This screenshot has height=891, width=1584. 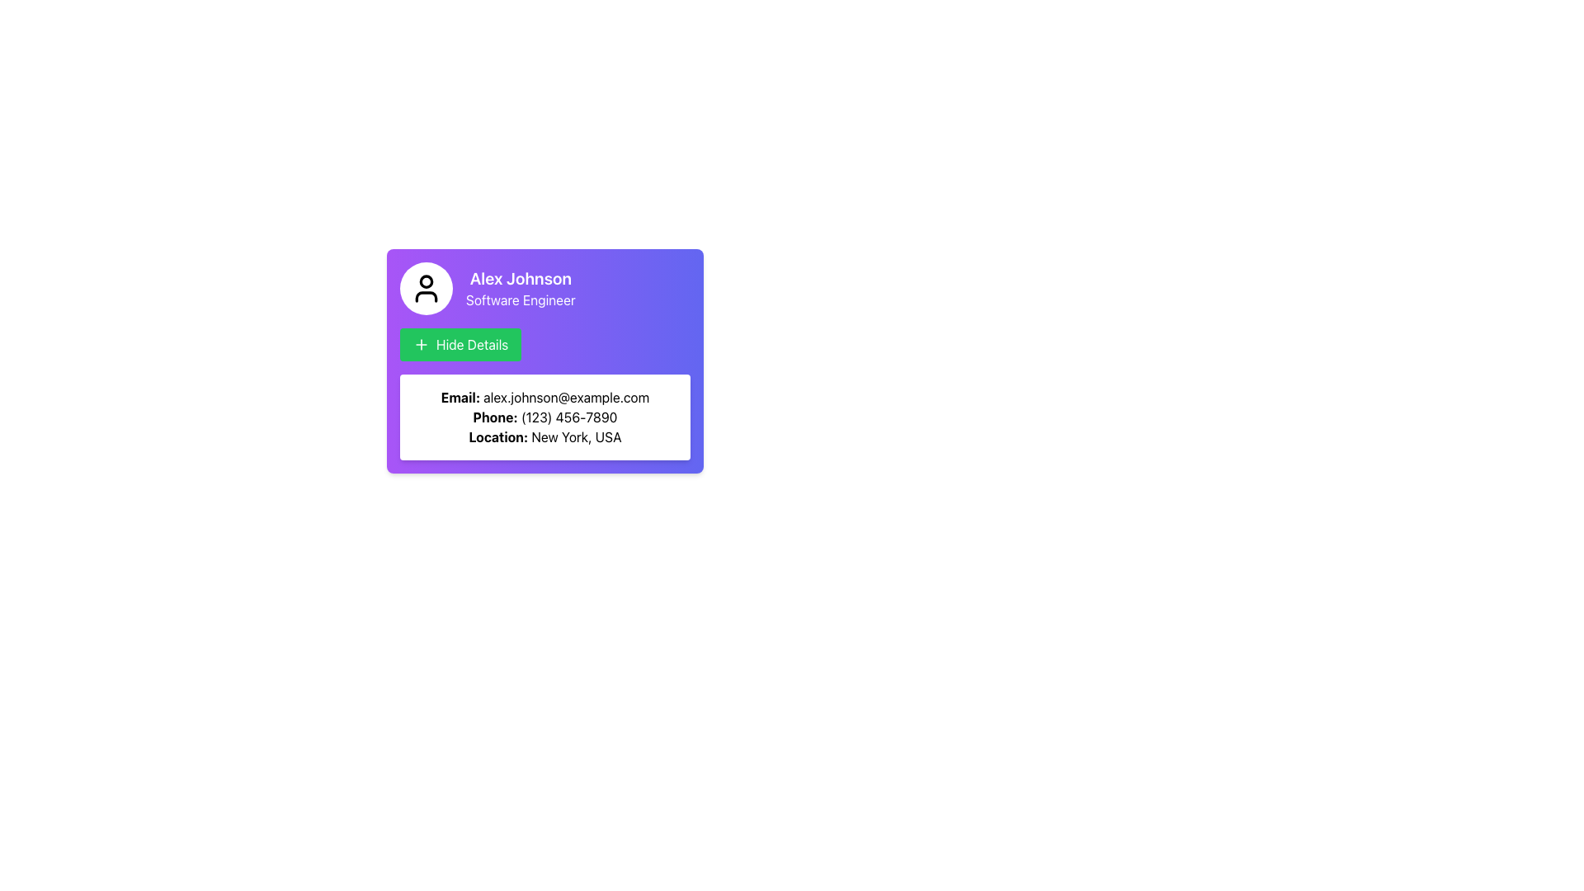 What do you see at coordinates (545, 416) in the screenshot?
I see `phone number displayed in the text label showing 'Phone: (123) 456-7890', which is located within the contact information section of the card` at bounding box center [545, 416].